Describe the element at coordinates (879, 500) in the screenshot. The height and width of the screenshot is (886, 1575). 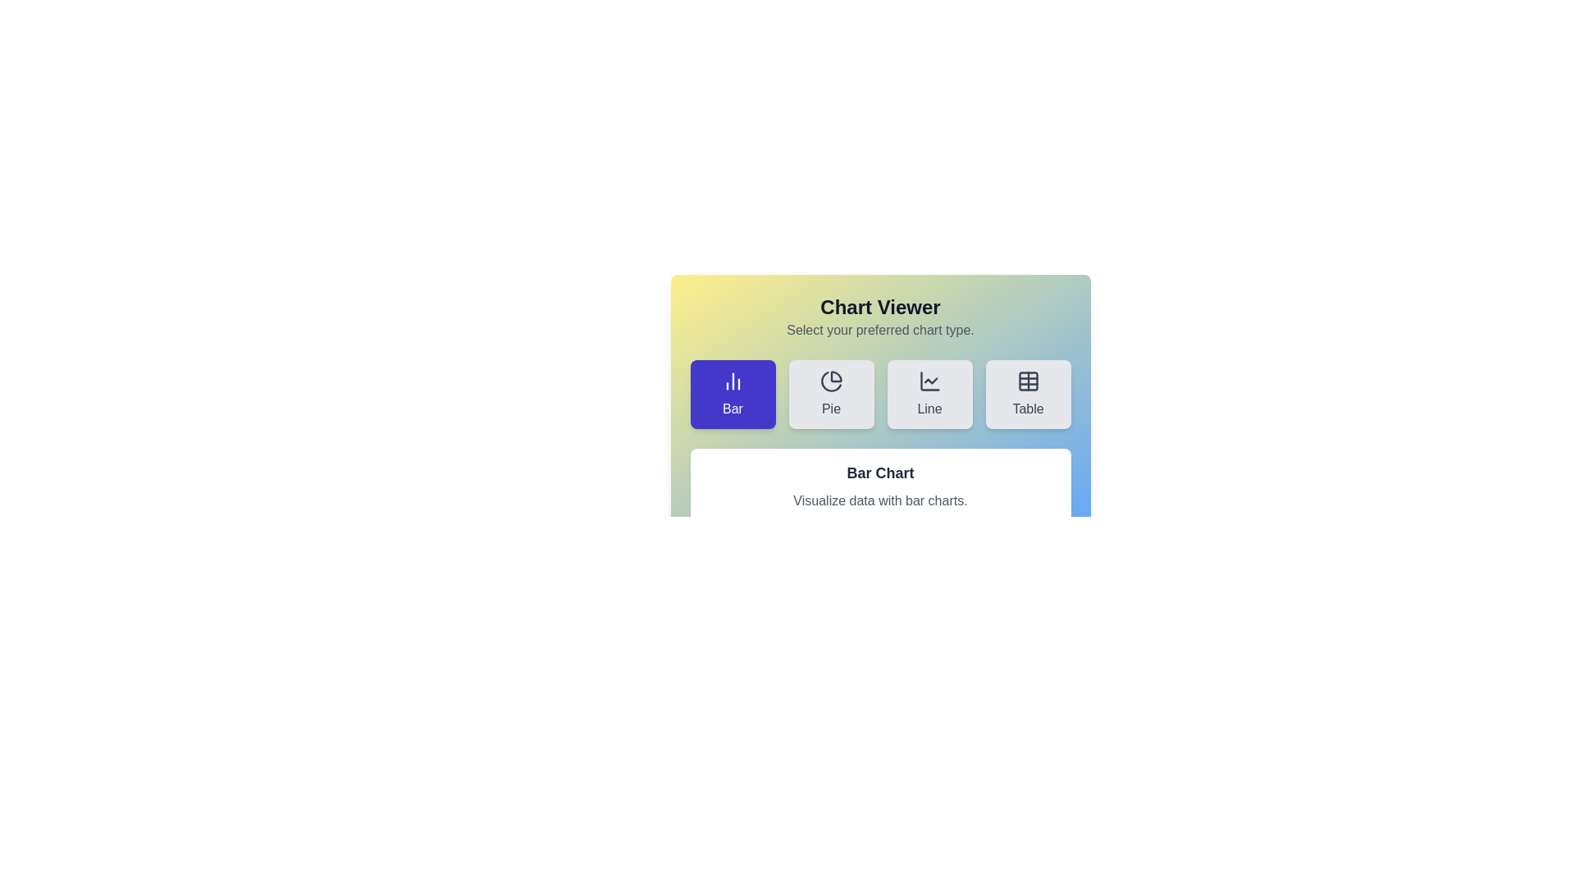
I see `the text label displaying 'Visualize data with bar charts.' which is positioned below the 'Bar Chart' heading in a light-colored rectangular box` at that location.